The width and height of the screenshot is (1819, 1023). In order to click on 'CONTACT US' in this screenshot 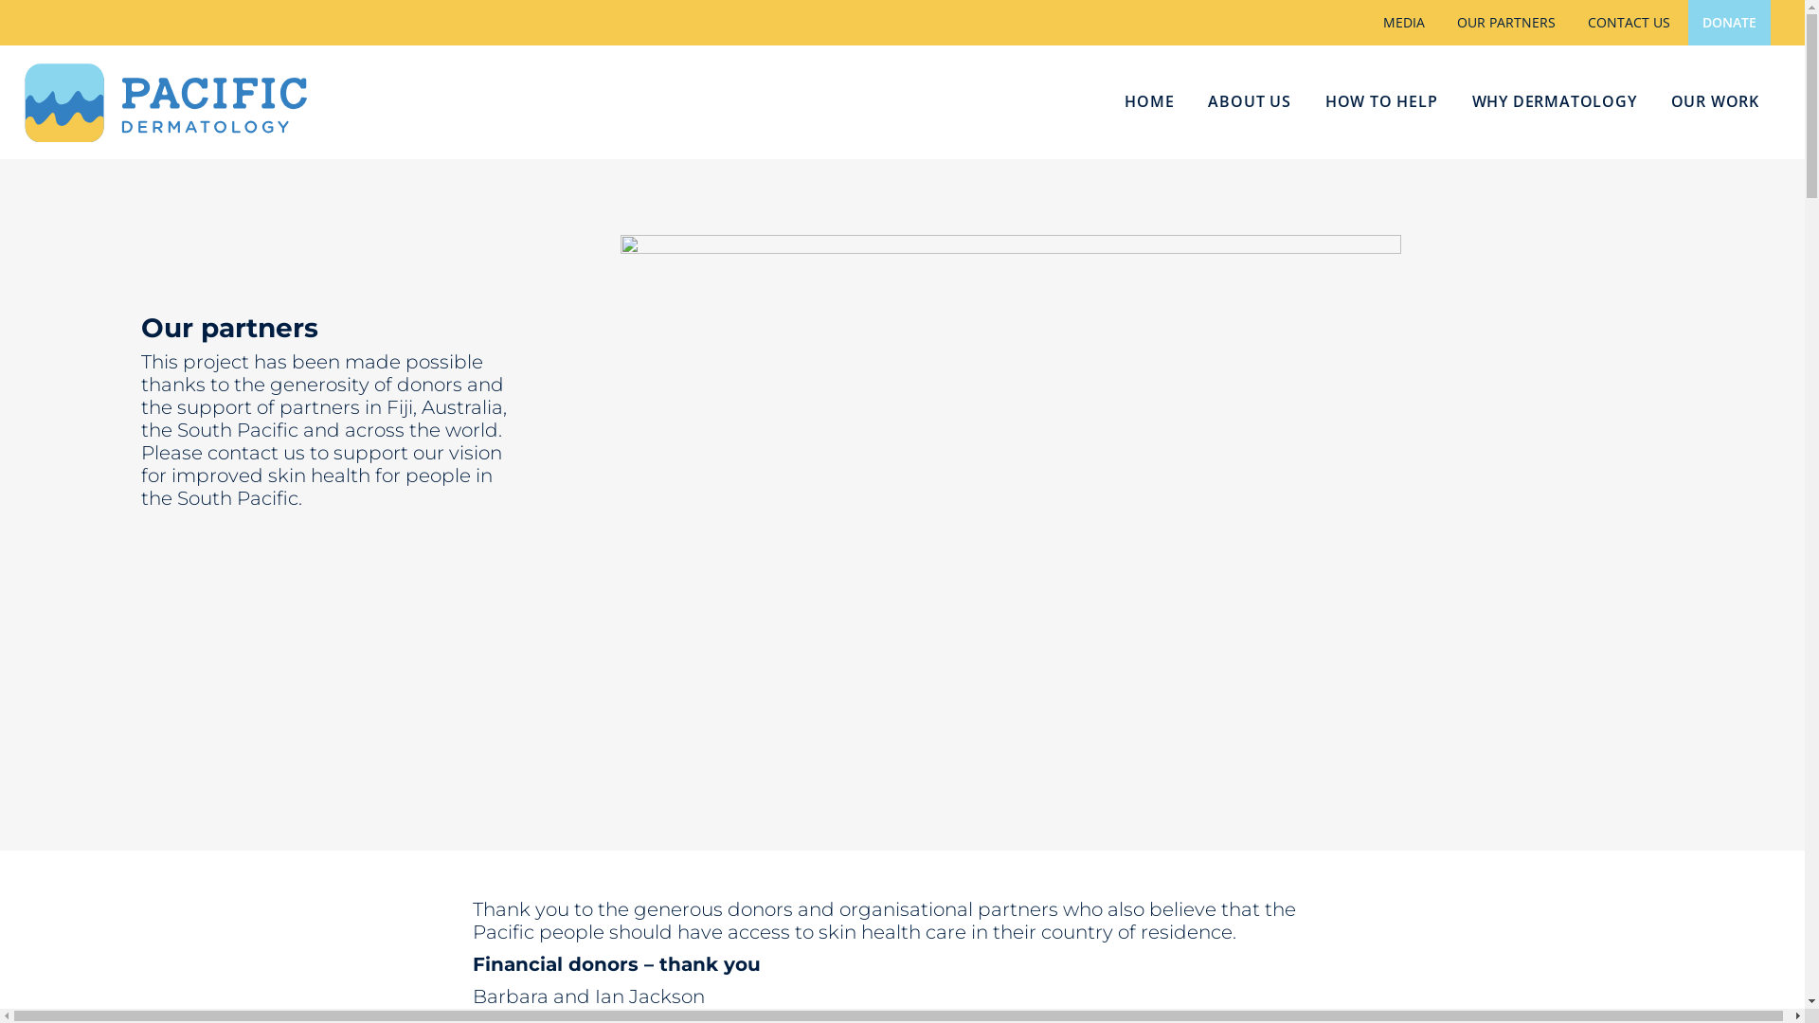, I will do `click(1628, 22)`.